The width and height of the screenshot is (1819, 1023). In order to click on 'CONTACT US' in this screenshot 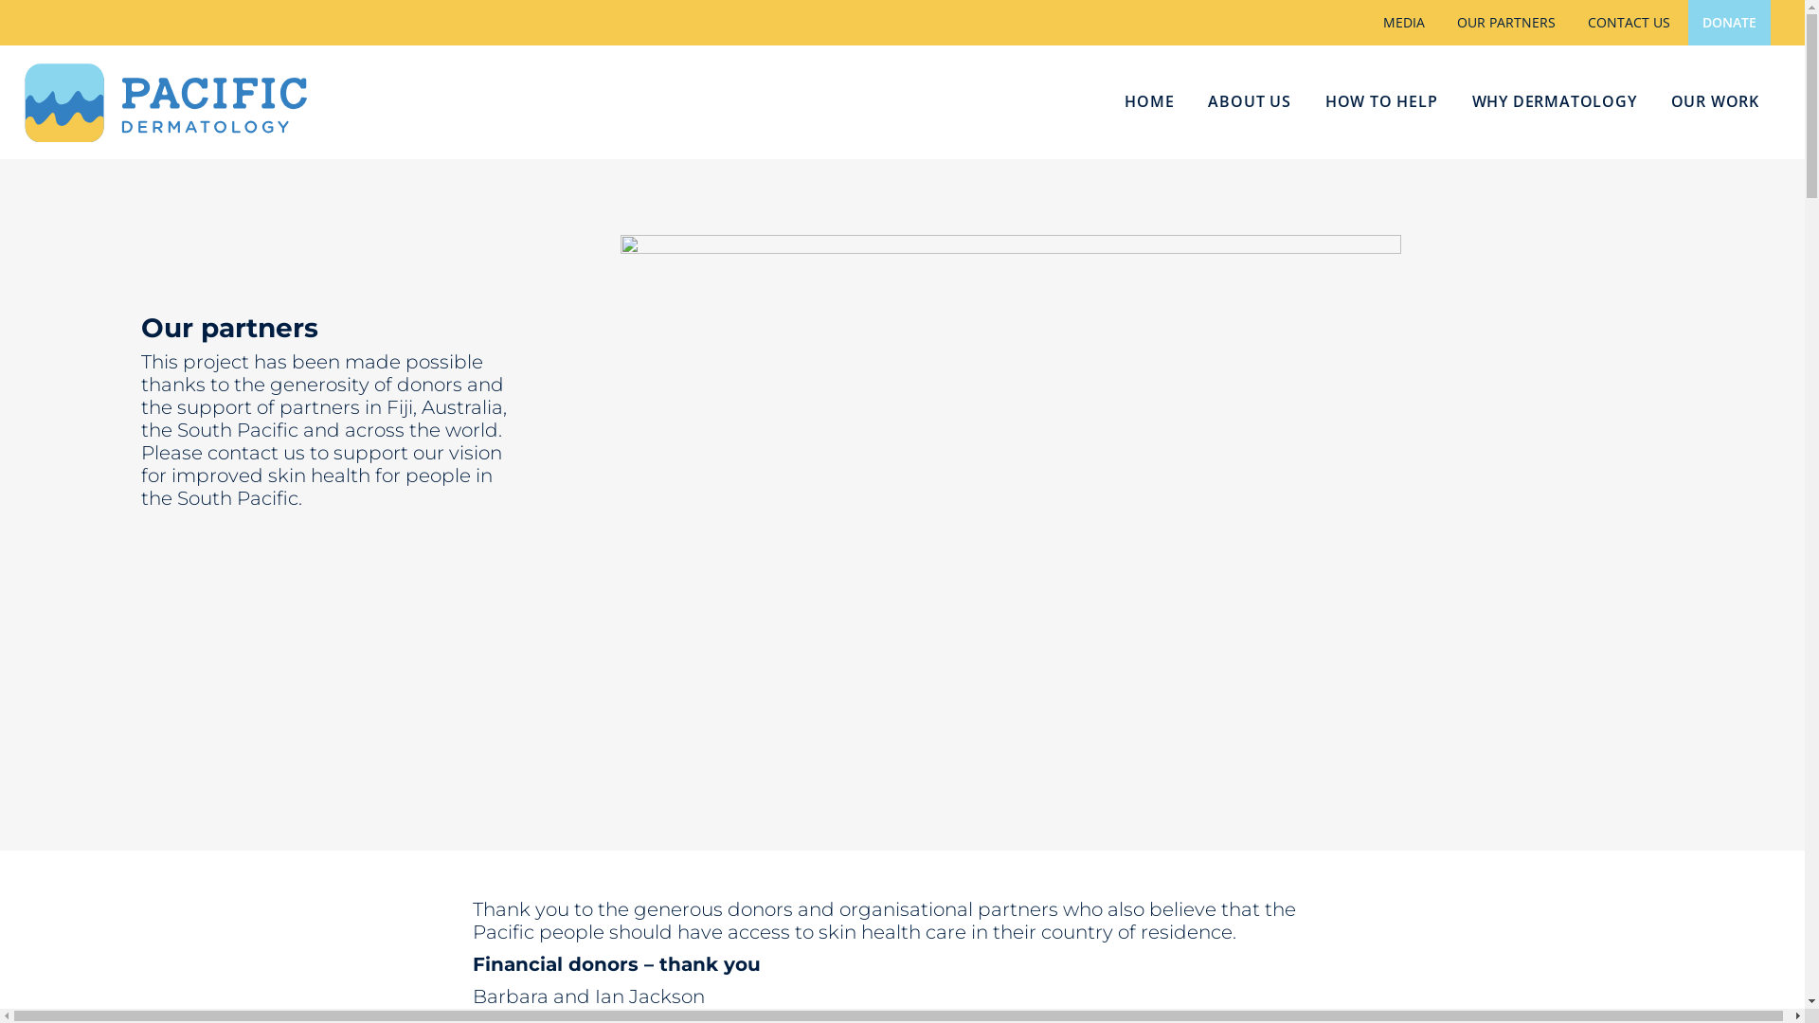, I will do `click(1628, 22)`.